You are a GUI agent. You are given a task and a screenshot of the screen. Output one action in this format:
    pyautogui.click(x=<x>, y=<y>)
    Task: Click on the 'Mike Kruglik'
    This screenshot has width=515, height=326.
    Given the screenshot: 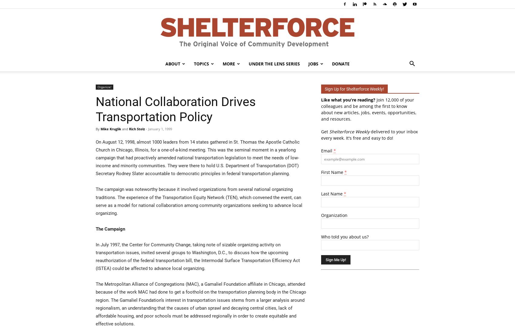 What is the action you would take?
    pyautogui.click(x=100, y=129)
    